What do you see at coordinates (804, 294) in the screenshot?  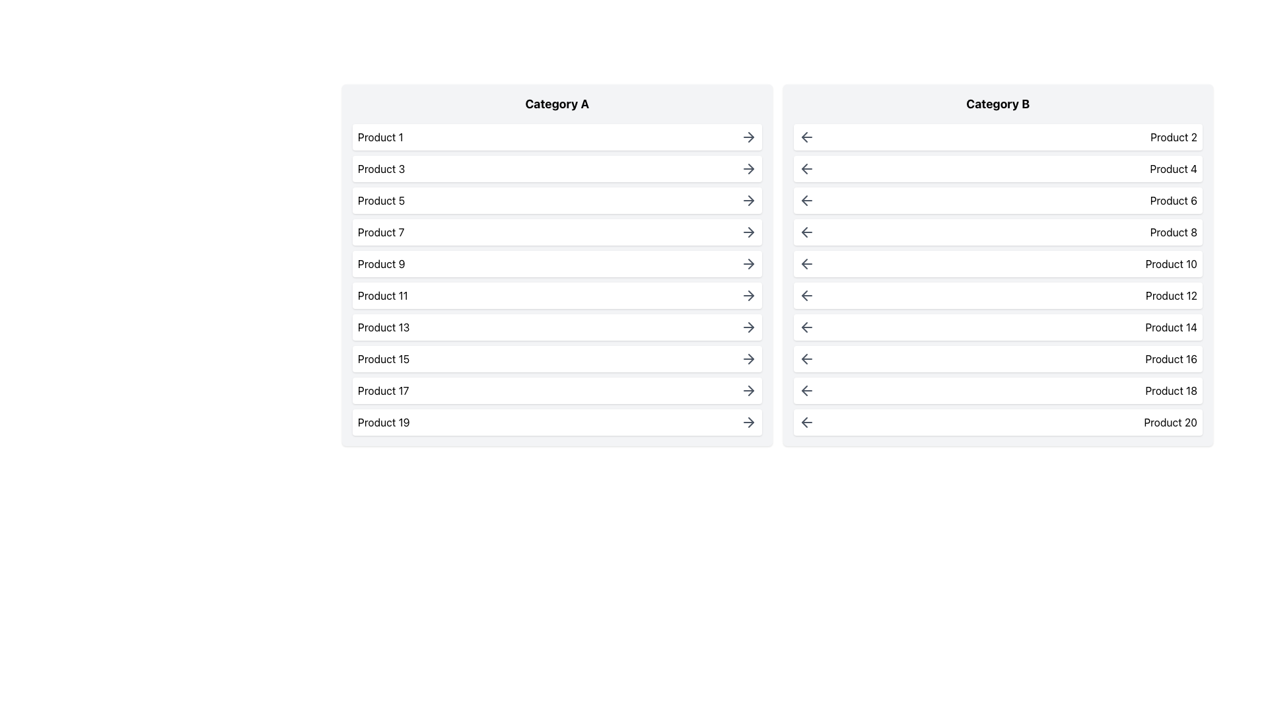 I see `the navigational icon for Product 12 under Category B` at bounding box center [804, 294].